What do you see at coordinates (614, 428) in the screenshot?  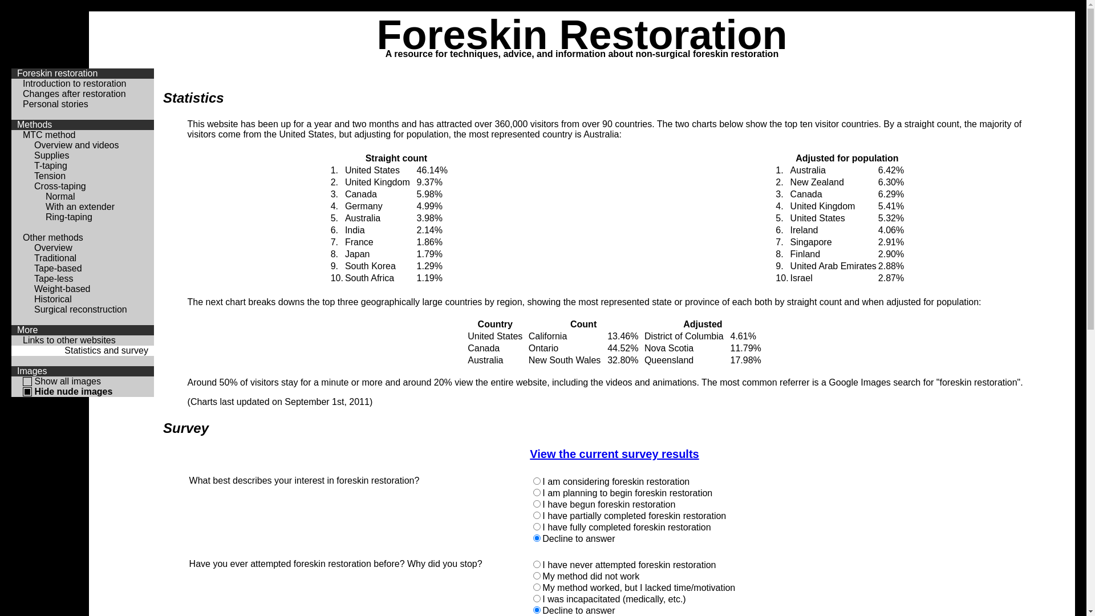 I see `'Survey'` at bounding box center [614, 428].